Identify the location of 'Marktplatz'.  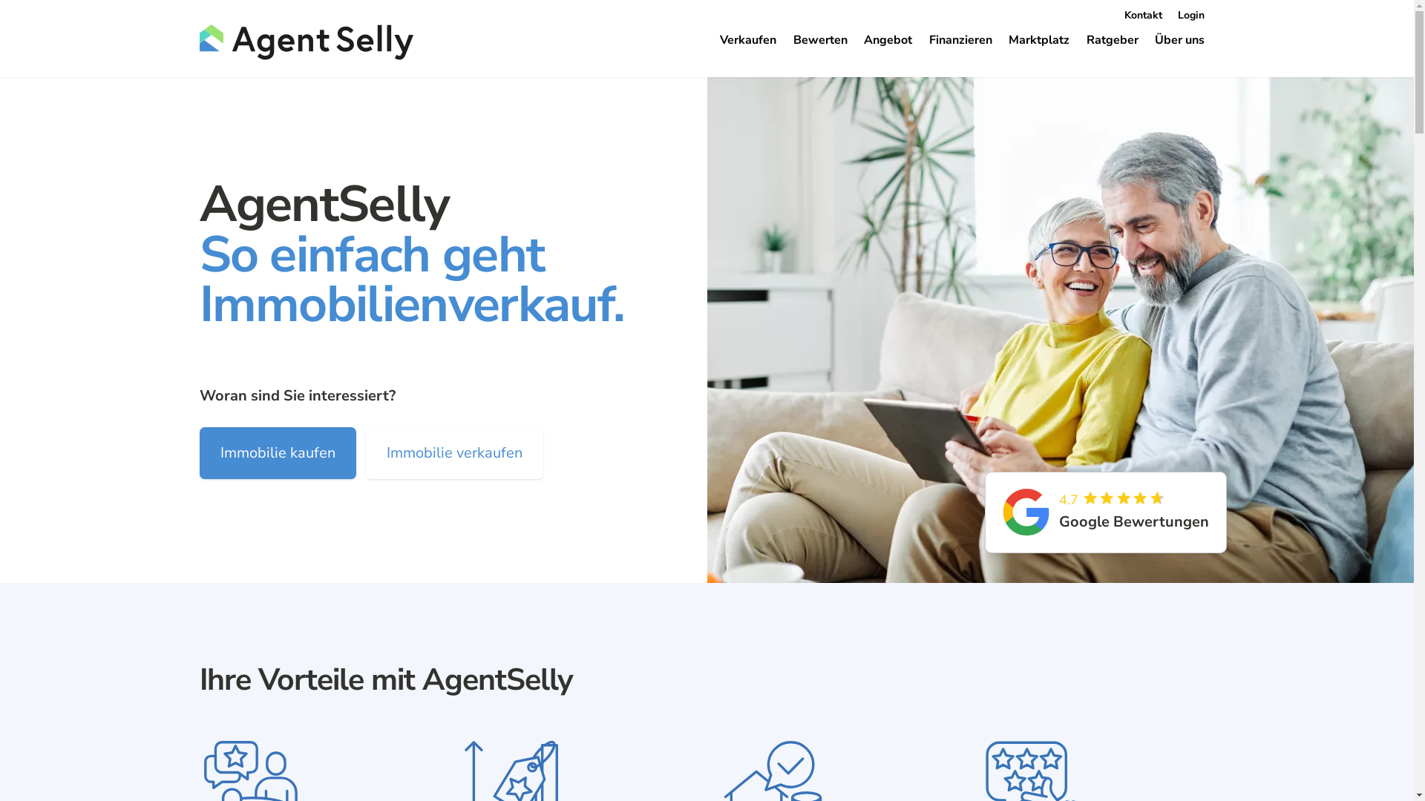
(1038, 39).